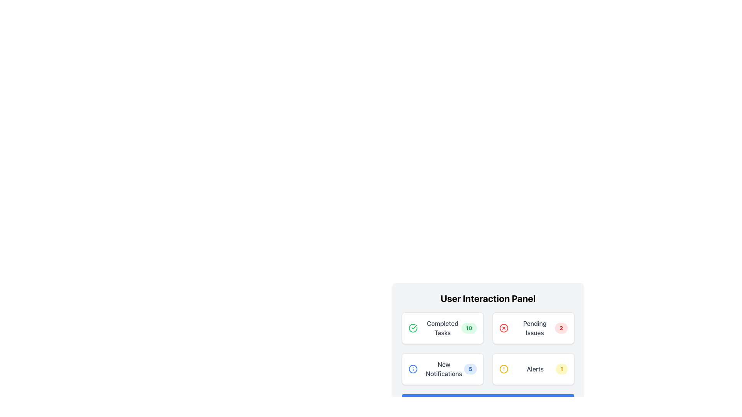 Image resolution: width=742 pixels, height=417 pixels. I want to click on circular vector graphic shape that is part of the cancel/remove icon in the 'Pending Issues' section of the 'User Interaction Panel', so click(504, 328).